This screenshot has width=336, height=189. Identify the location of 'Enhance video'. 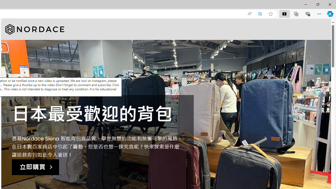
(260, 14).